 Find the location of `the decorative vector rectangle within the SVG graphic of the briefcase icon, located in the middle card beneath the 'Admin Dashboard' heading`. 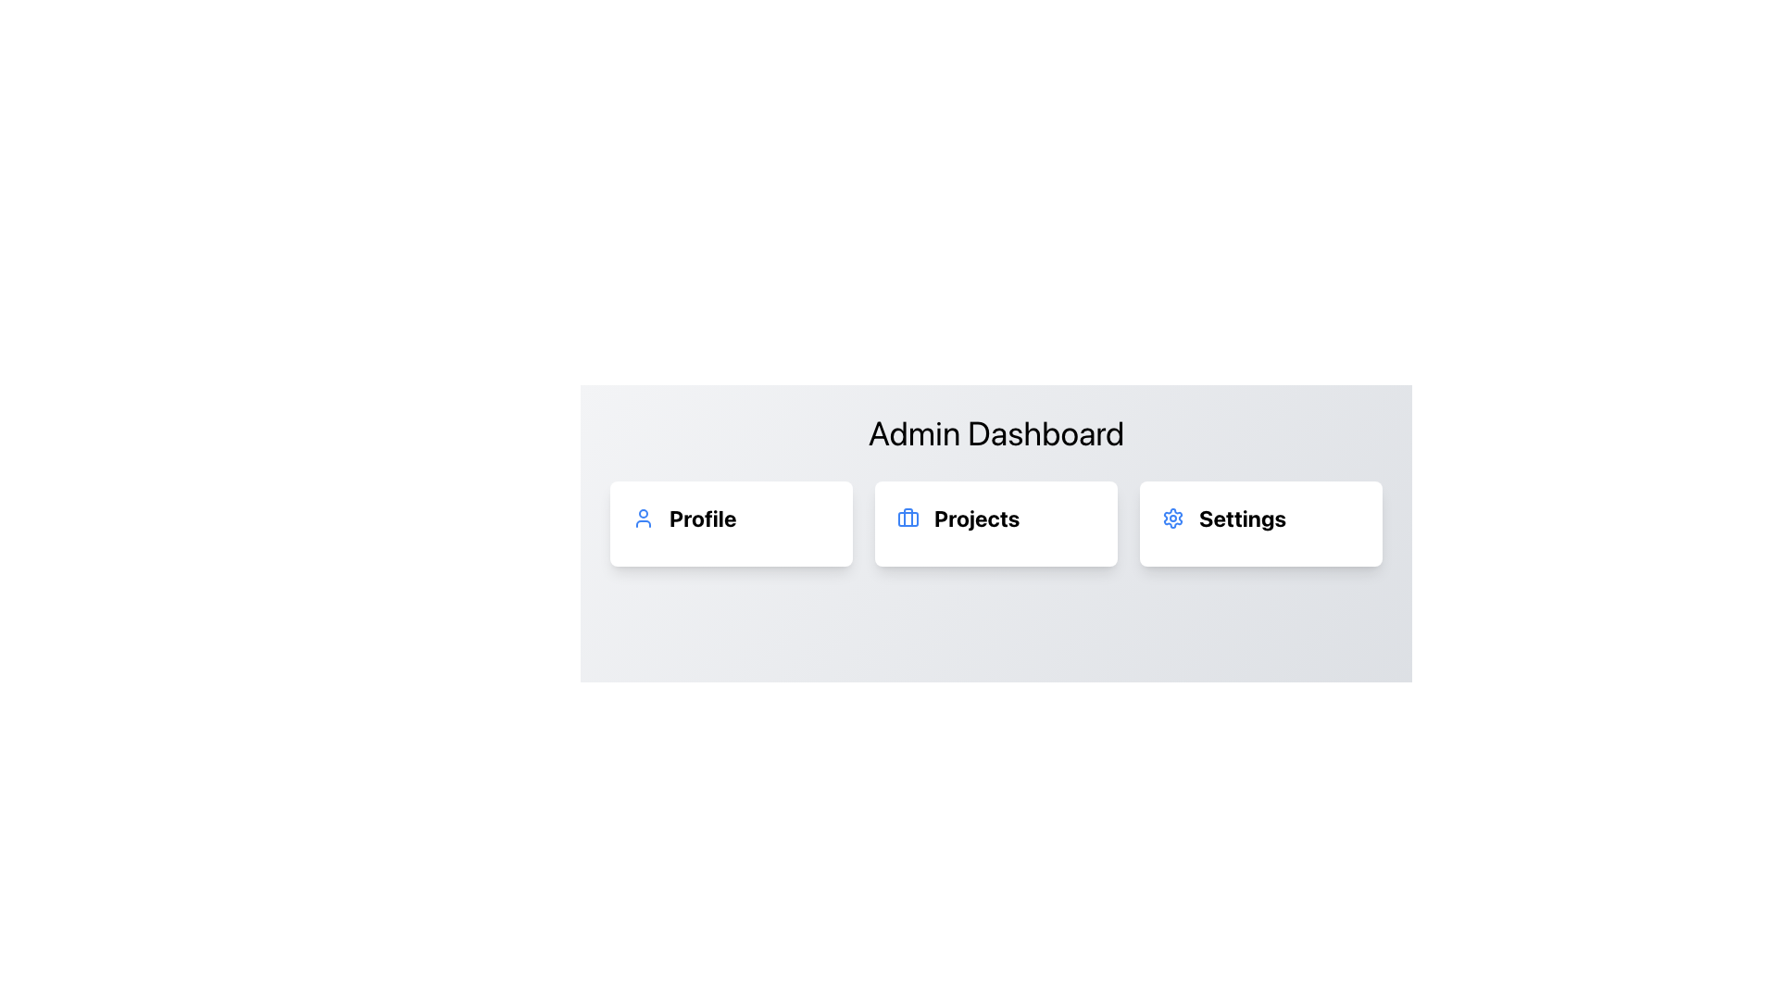

the decorative vector rectangle within the SVG graphic of the briefcase icon, located in the middle card beneath the 'Admin Dashboard' heading is located at coordinates (908, 519).